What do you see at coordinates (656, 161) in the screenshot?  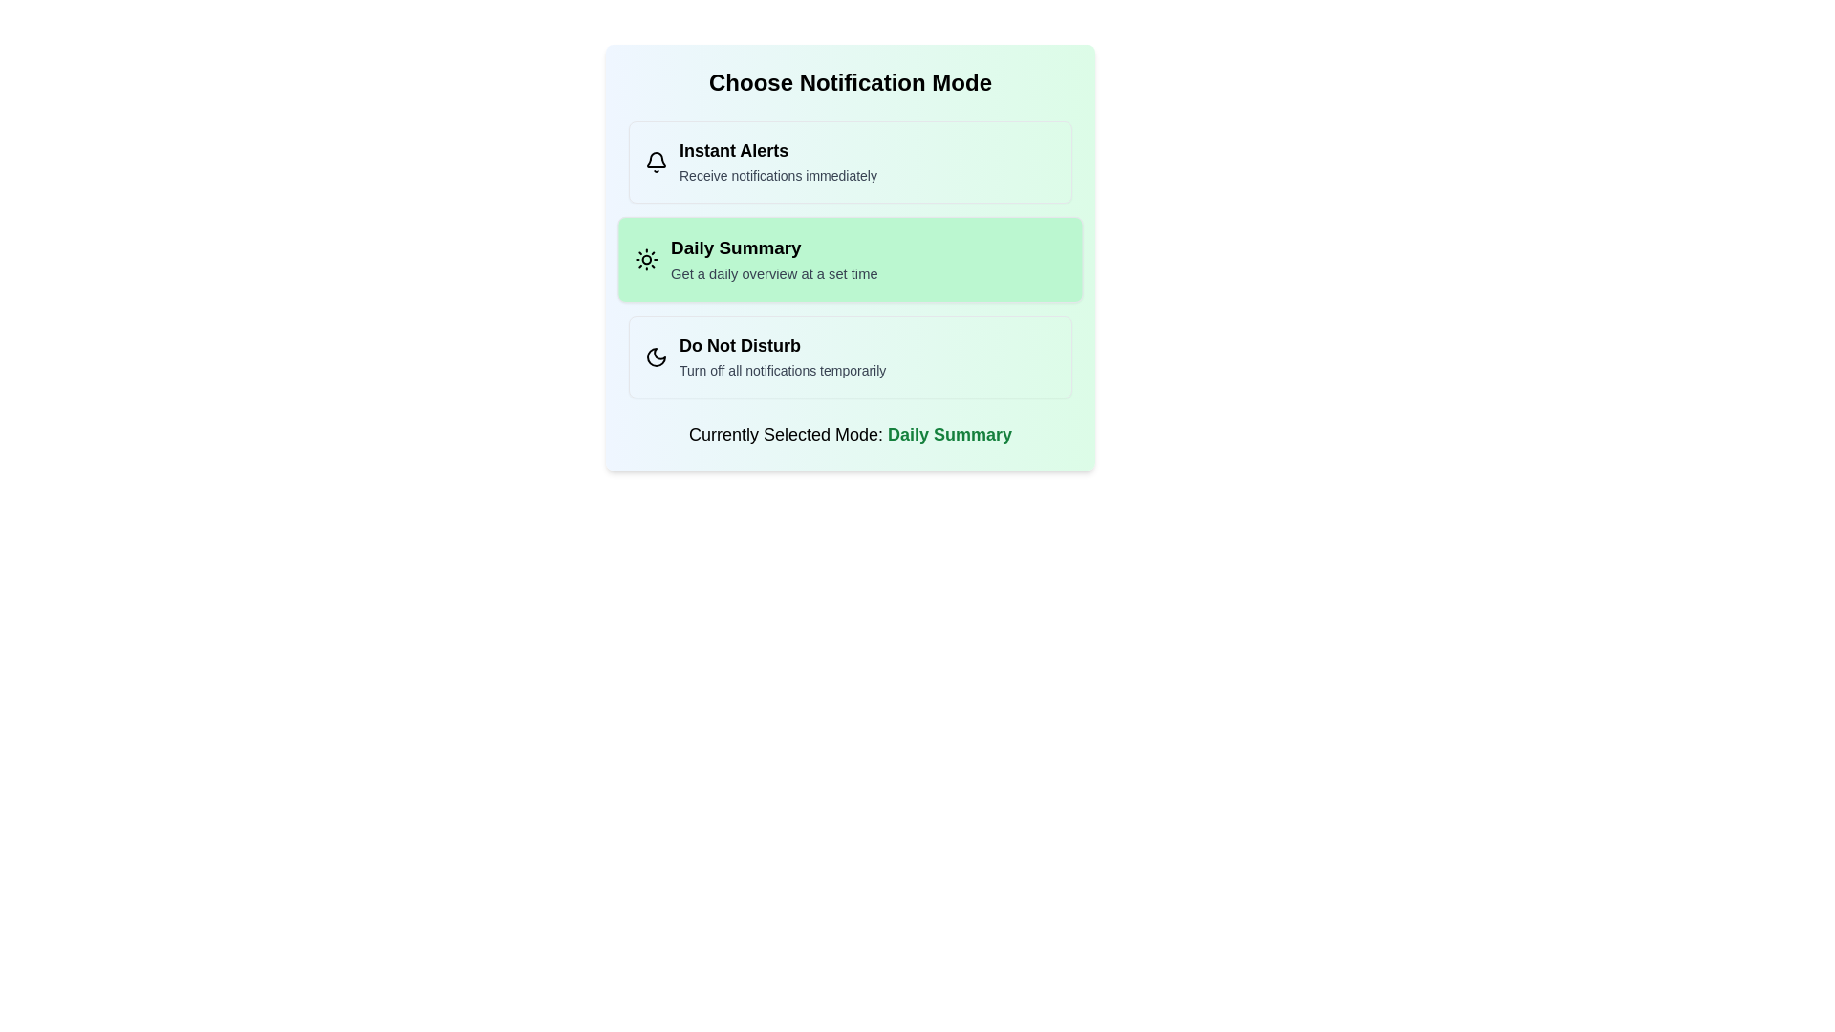 I see `the small black bell icon representing notifications, located on the left edge of the Instant Alerts section` at bounding box center [656, 161].